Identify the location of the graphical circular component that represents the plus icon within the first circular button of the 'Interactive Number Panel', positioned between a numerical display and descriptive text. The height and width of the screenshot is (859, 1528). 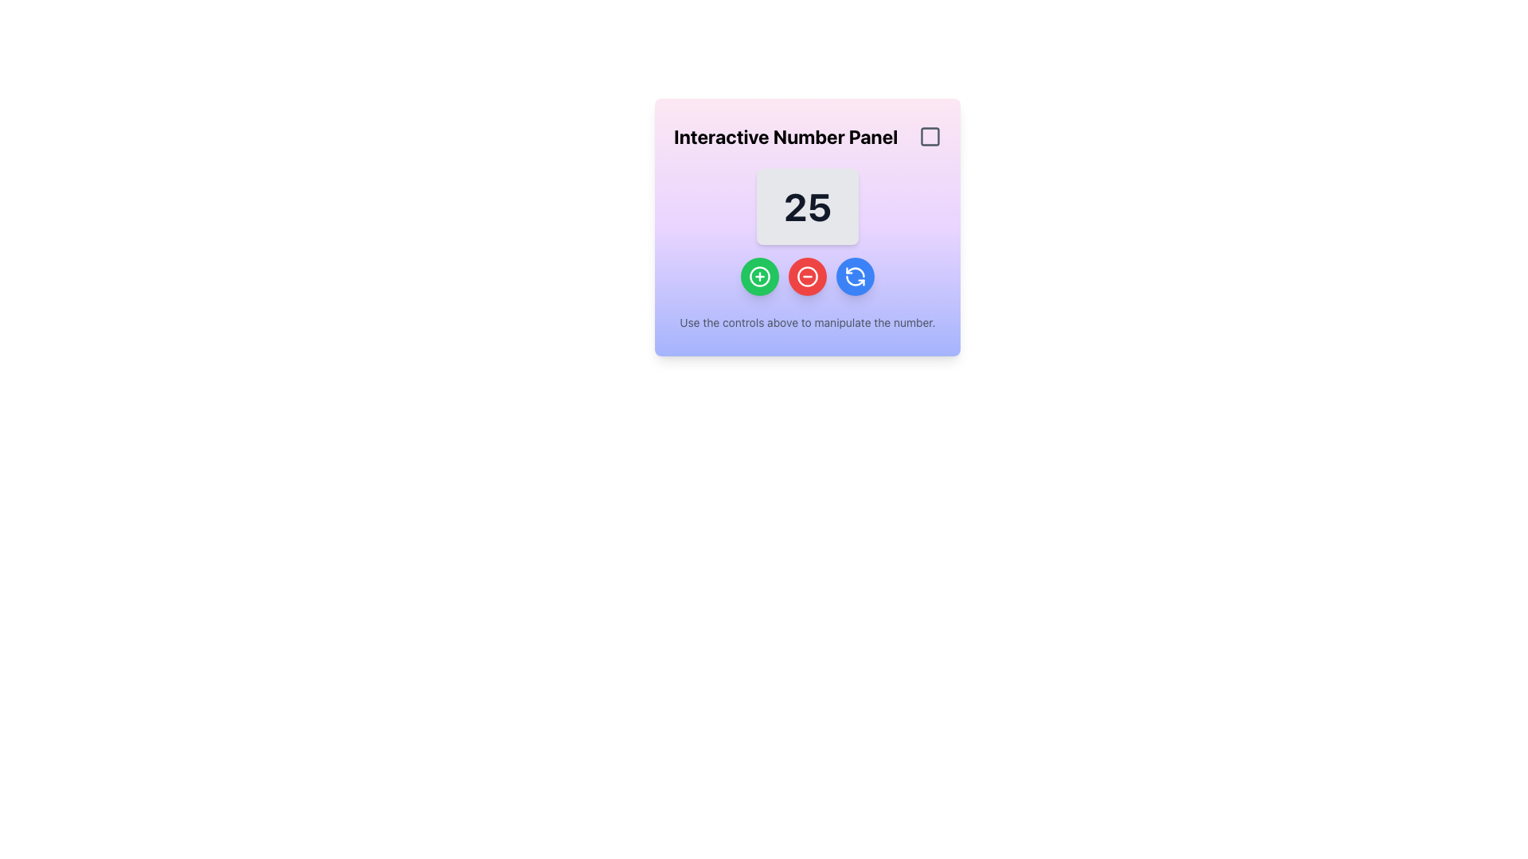
(759, 275).